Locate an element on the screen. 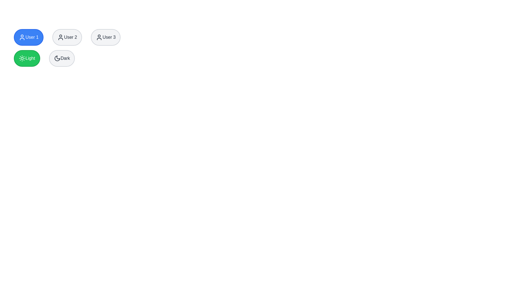 Image resolution: width=532 pixels, height=299 pixels. the appearance of the stylized sun icon located centrally within the green rounded rectangular button labeled 'Light' is located at coordinates (22, 58).